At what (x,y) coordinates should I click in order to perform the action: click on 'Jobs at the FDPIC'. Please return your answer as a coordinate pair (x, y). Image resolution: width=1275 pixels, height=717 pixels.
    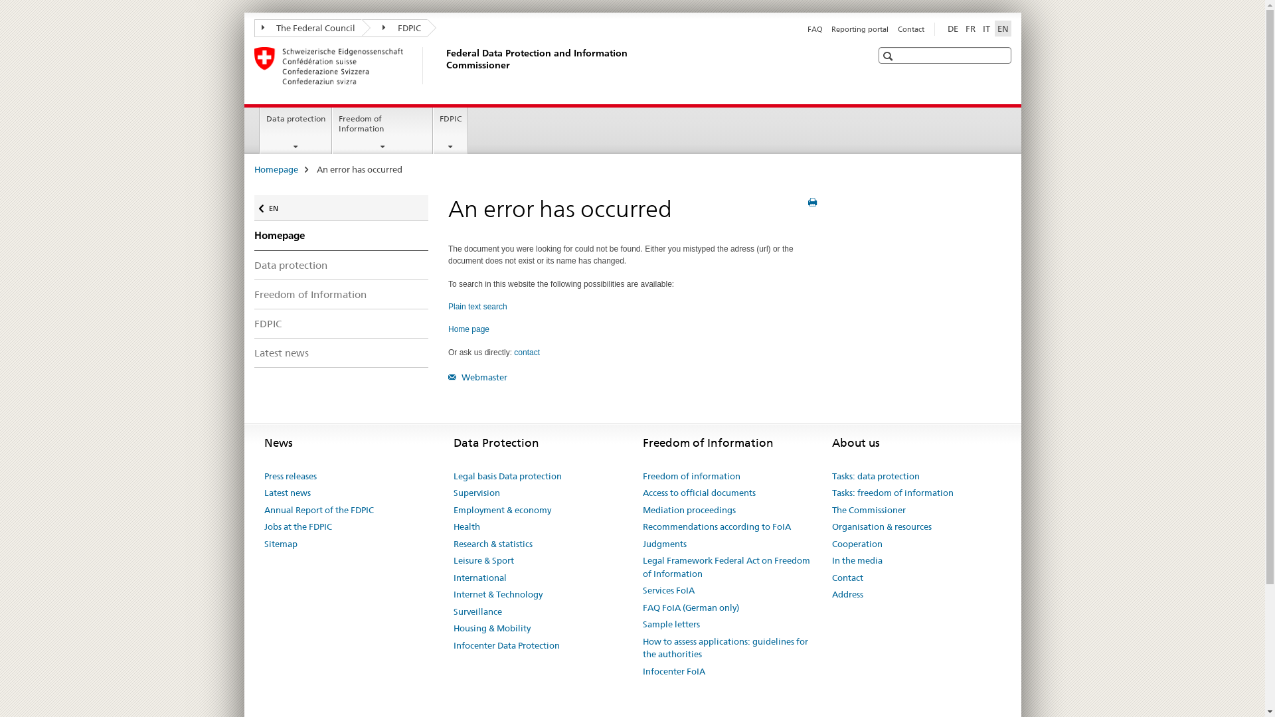
    Looking at the image, I should click on (297, 526).